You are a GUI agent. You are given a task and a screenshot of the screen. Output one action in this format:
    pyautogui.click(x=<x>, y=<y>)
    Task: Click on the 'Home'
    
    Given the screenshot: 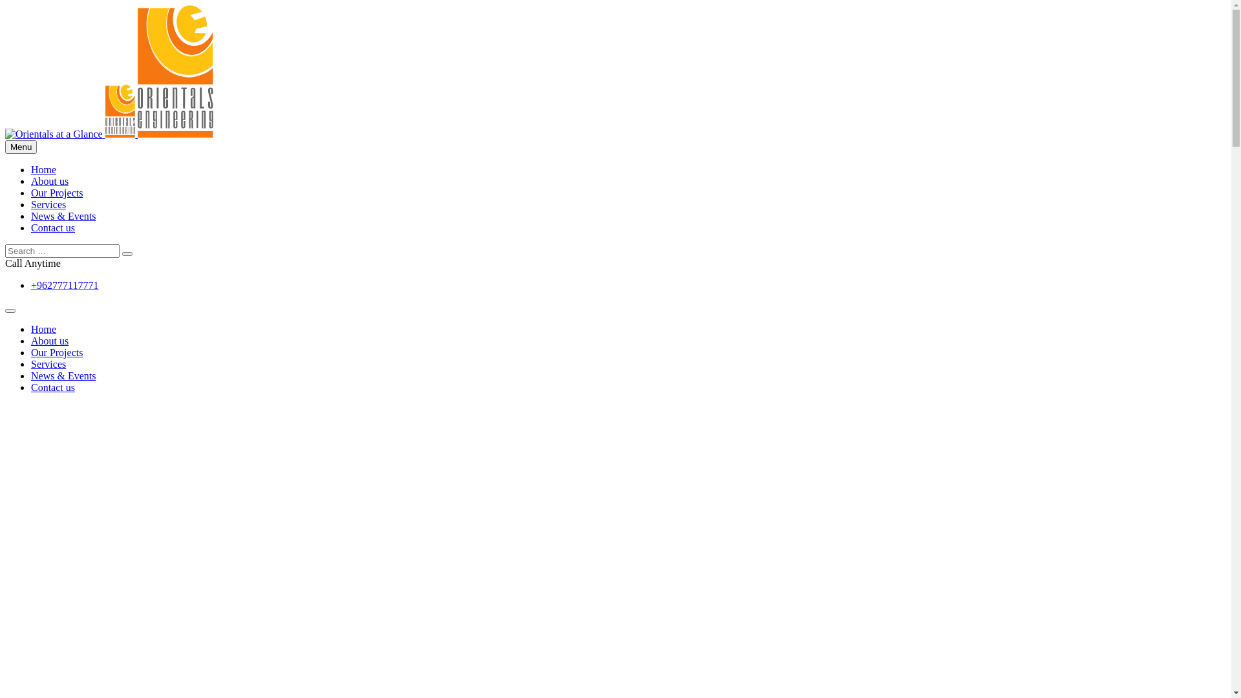 What is the action you would take?
    pyautogui.click(x=43, y=169)
    